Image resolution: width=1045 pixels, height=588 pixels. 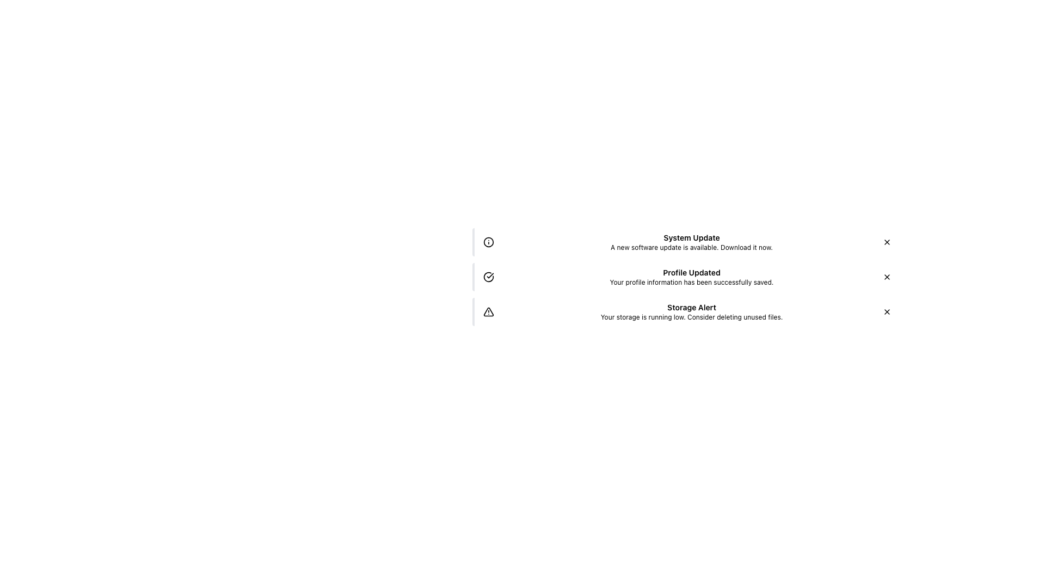 I want to click on the close button located at the rightmost side of the alert box that contains the message 'Storage Alert Your storage is running low. Consider deleting unused files.' to change its color, so click(x=887, y=312).